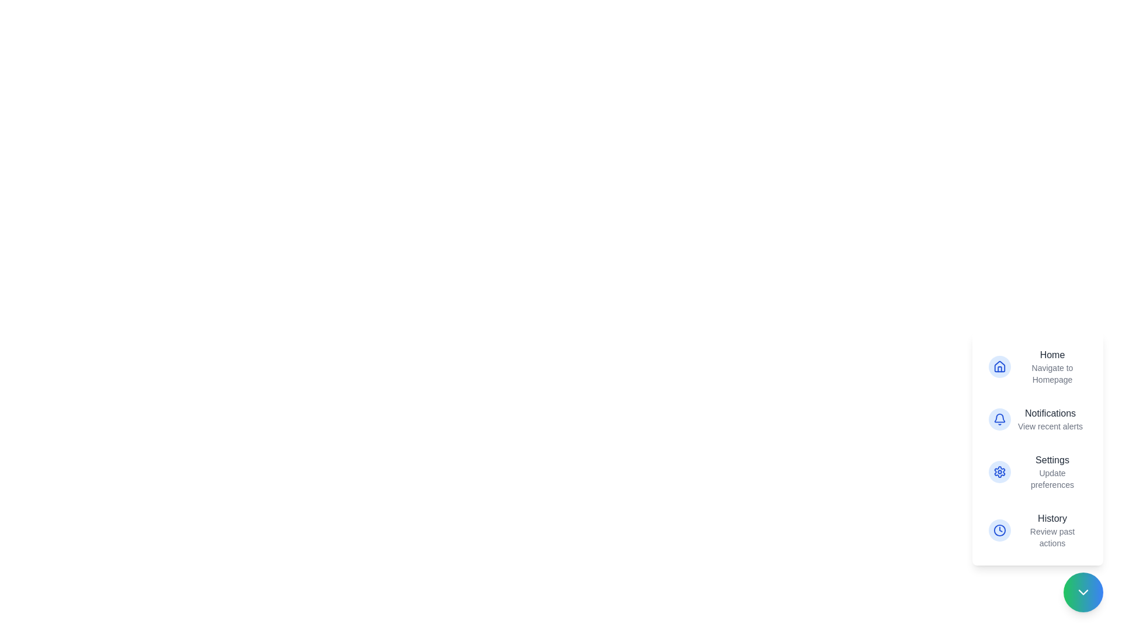 This screenshot has height=631, width=1122. I want to click on the action item corresponding to Settings, so click(1038, 471).